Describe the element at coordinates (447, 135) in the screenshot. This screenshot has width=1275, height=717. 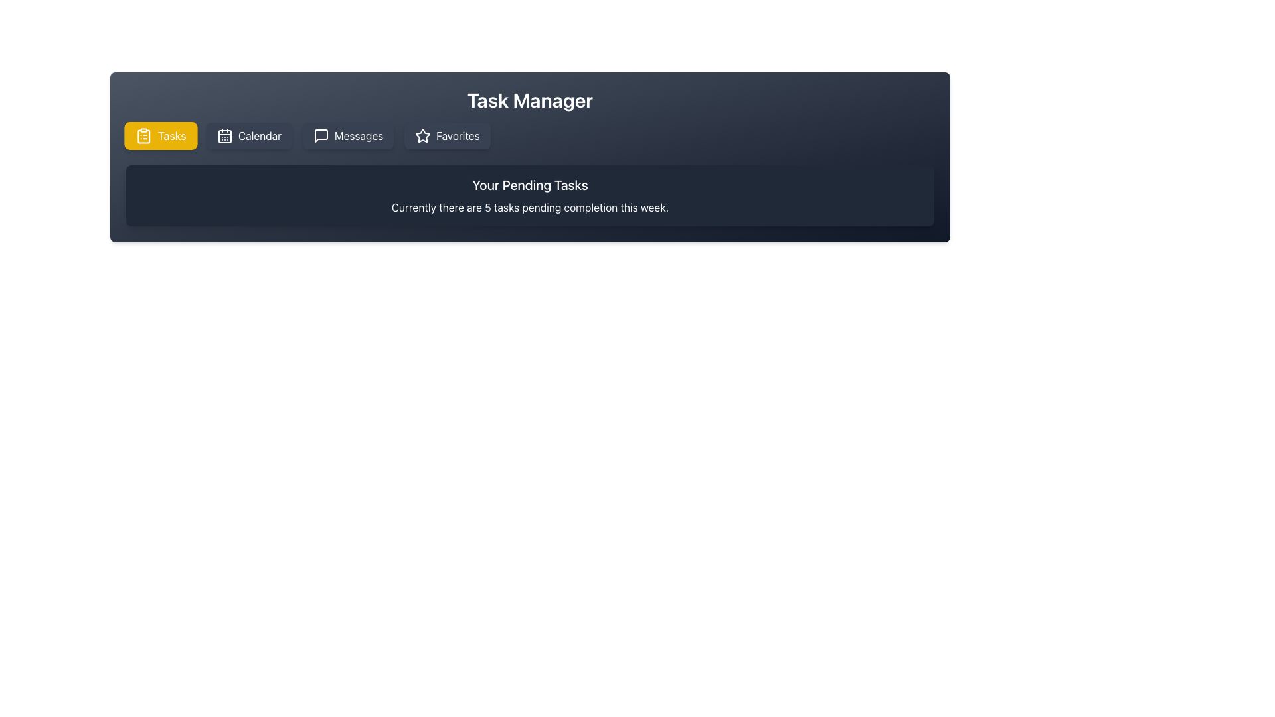
I see `the 'Favorites' button, the fourth button in the navigation row, to activate styling changes` at that location.